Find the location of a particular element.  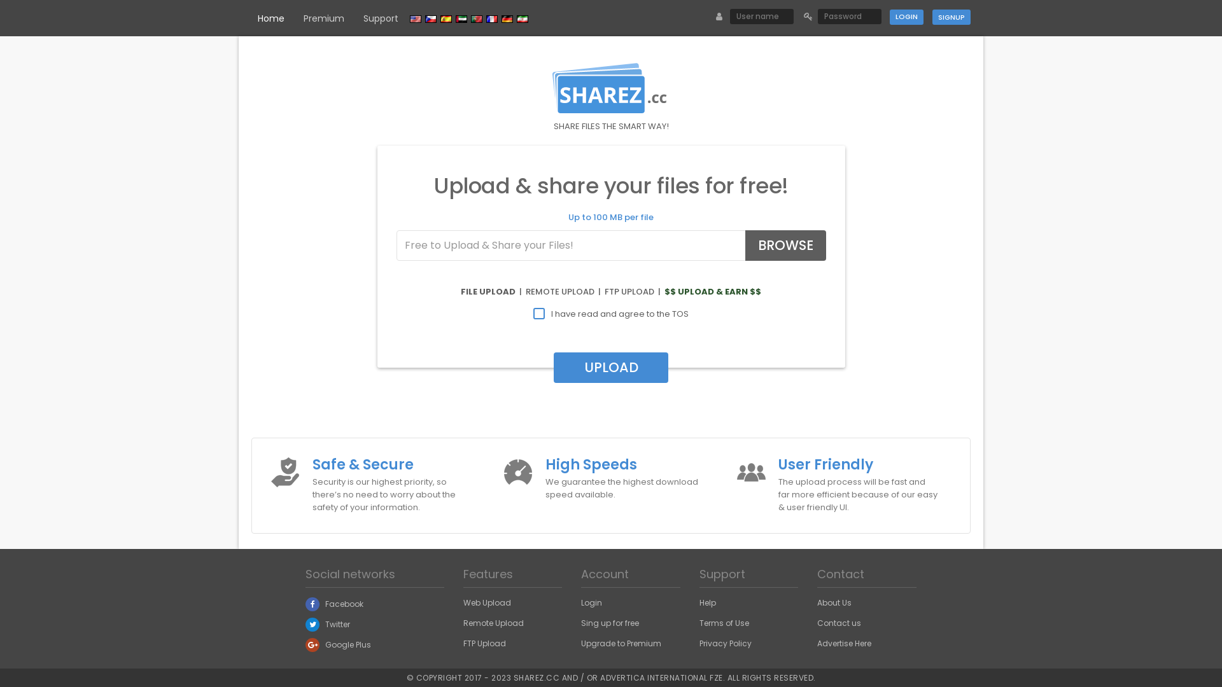

'Remote Upload' is located at coordinates (493, 622).